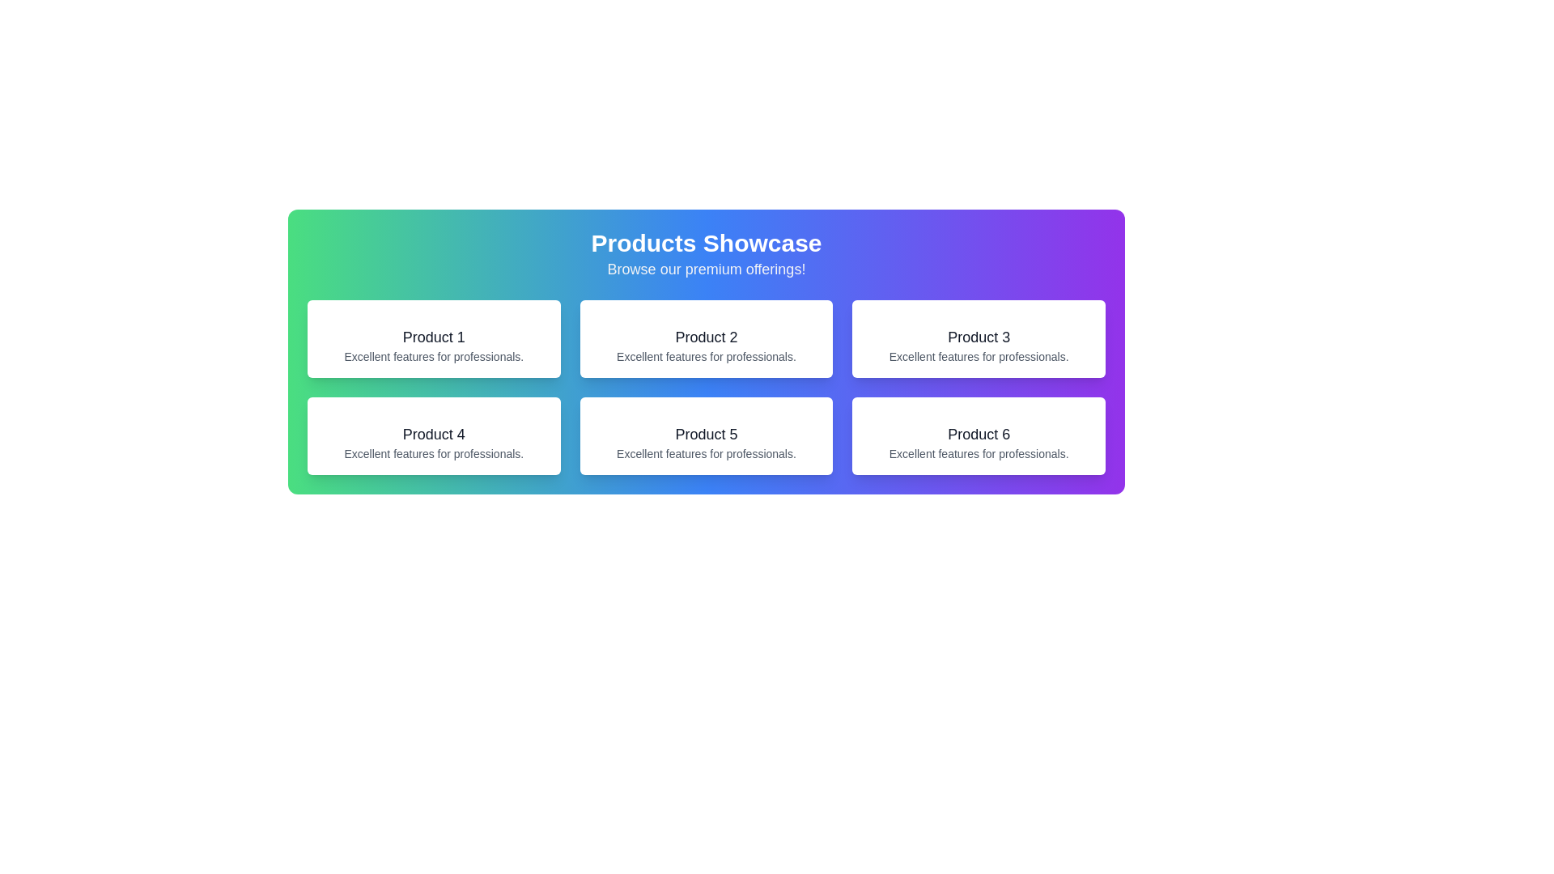 This screenshot has height=874, width=1554. I want to click on the static text providing additional information about 'Product 3', located directly beneath its title in the product card, so click(978, 355).